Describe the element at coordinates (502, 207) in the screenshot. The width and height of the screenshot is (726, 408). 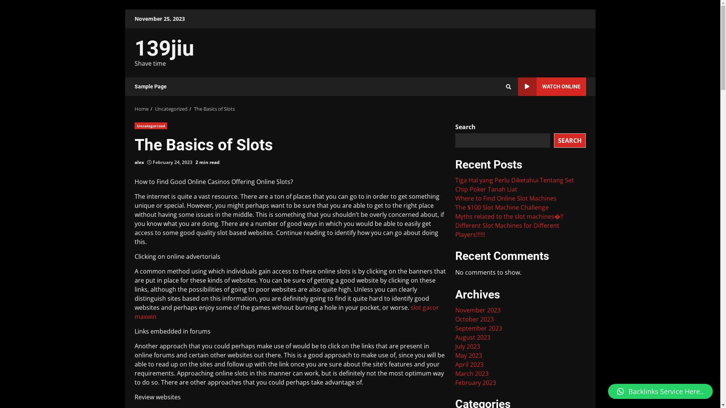
I see `'The $100 Slot Machine Challenge'` at that location.